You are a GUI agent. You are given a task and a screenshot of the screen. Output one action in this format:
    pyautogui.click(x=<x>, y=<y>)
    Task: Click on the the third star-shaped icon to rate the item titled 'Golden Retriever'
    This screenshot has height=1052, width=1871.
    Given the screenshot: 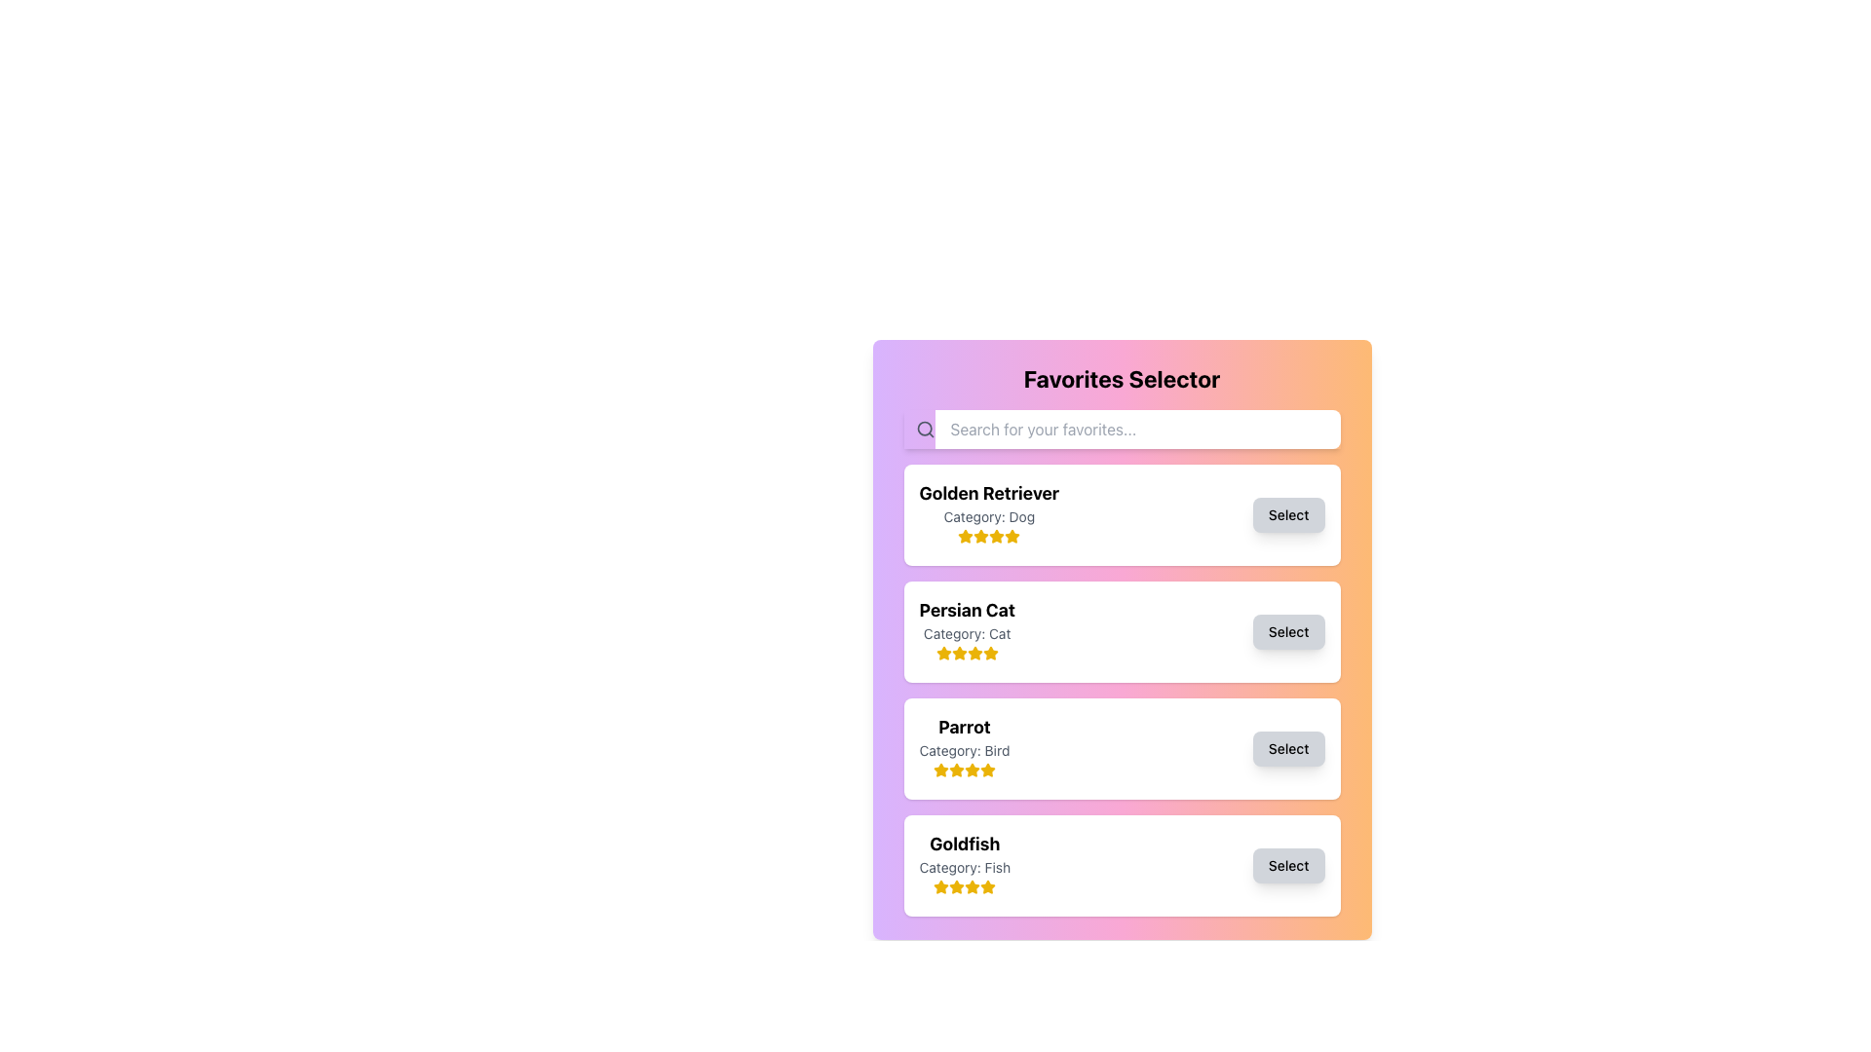 What is the action you would take?
    pyautogui.click(x=1012, y=536)
    